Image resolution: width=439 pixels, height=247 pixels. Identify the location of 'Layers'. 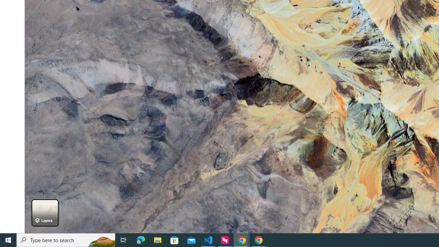
(45, 212).